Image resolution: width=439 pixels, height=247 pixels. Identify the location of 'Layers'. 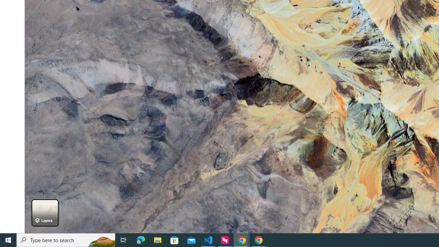
(45, 212).